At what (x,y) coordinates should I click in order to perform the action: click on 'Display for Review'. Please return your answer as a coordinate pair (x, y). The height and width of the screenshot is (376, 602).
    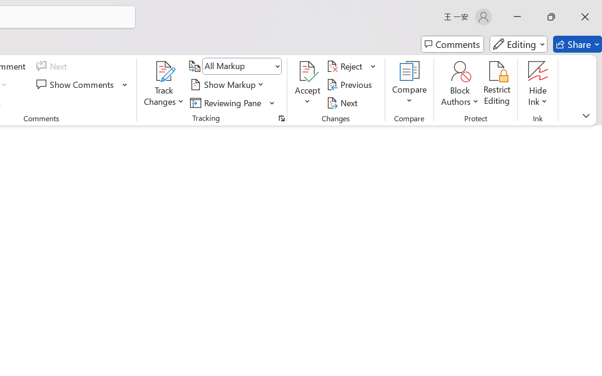
    Looking at the image, I should click on (242, 66).